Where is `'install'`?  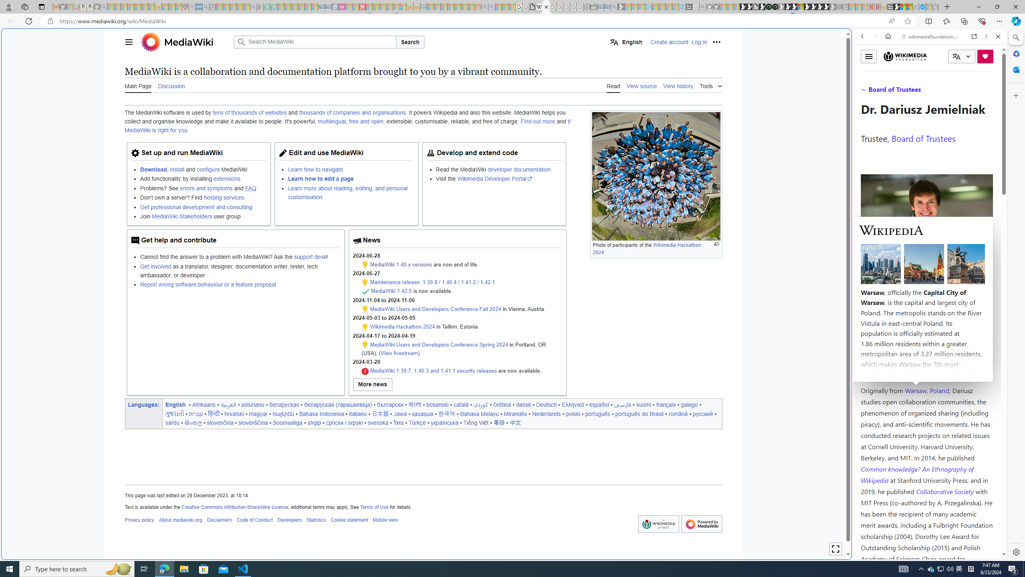 'install' is located at coordinates (177, 169).